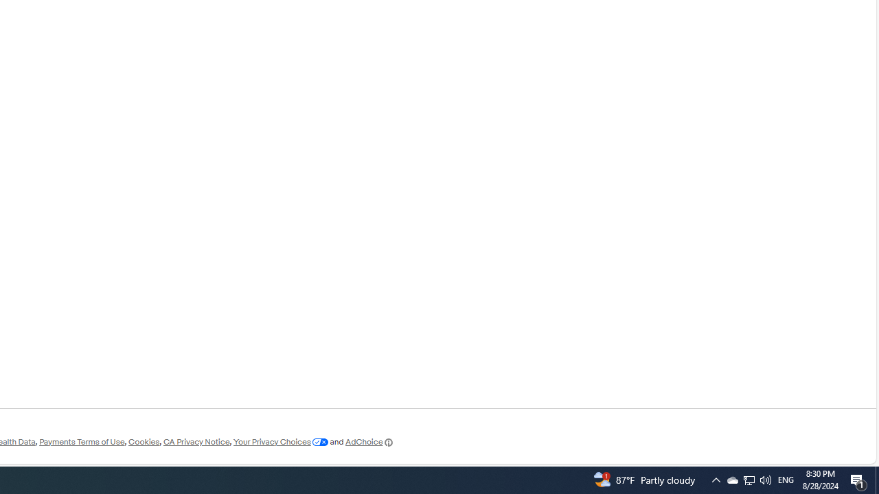 The height and width of the screenshot is (494, 879). Describe the element at coordinates (144, 442) in the screenshot. I see `'Cookies'` at that location.